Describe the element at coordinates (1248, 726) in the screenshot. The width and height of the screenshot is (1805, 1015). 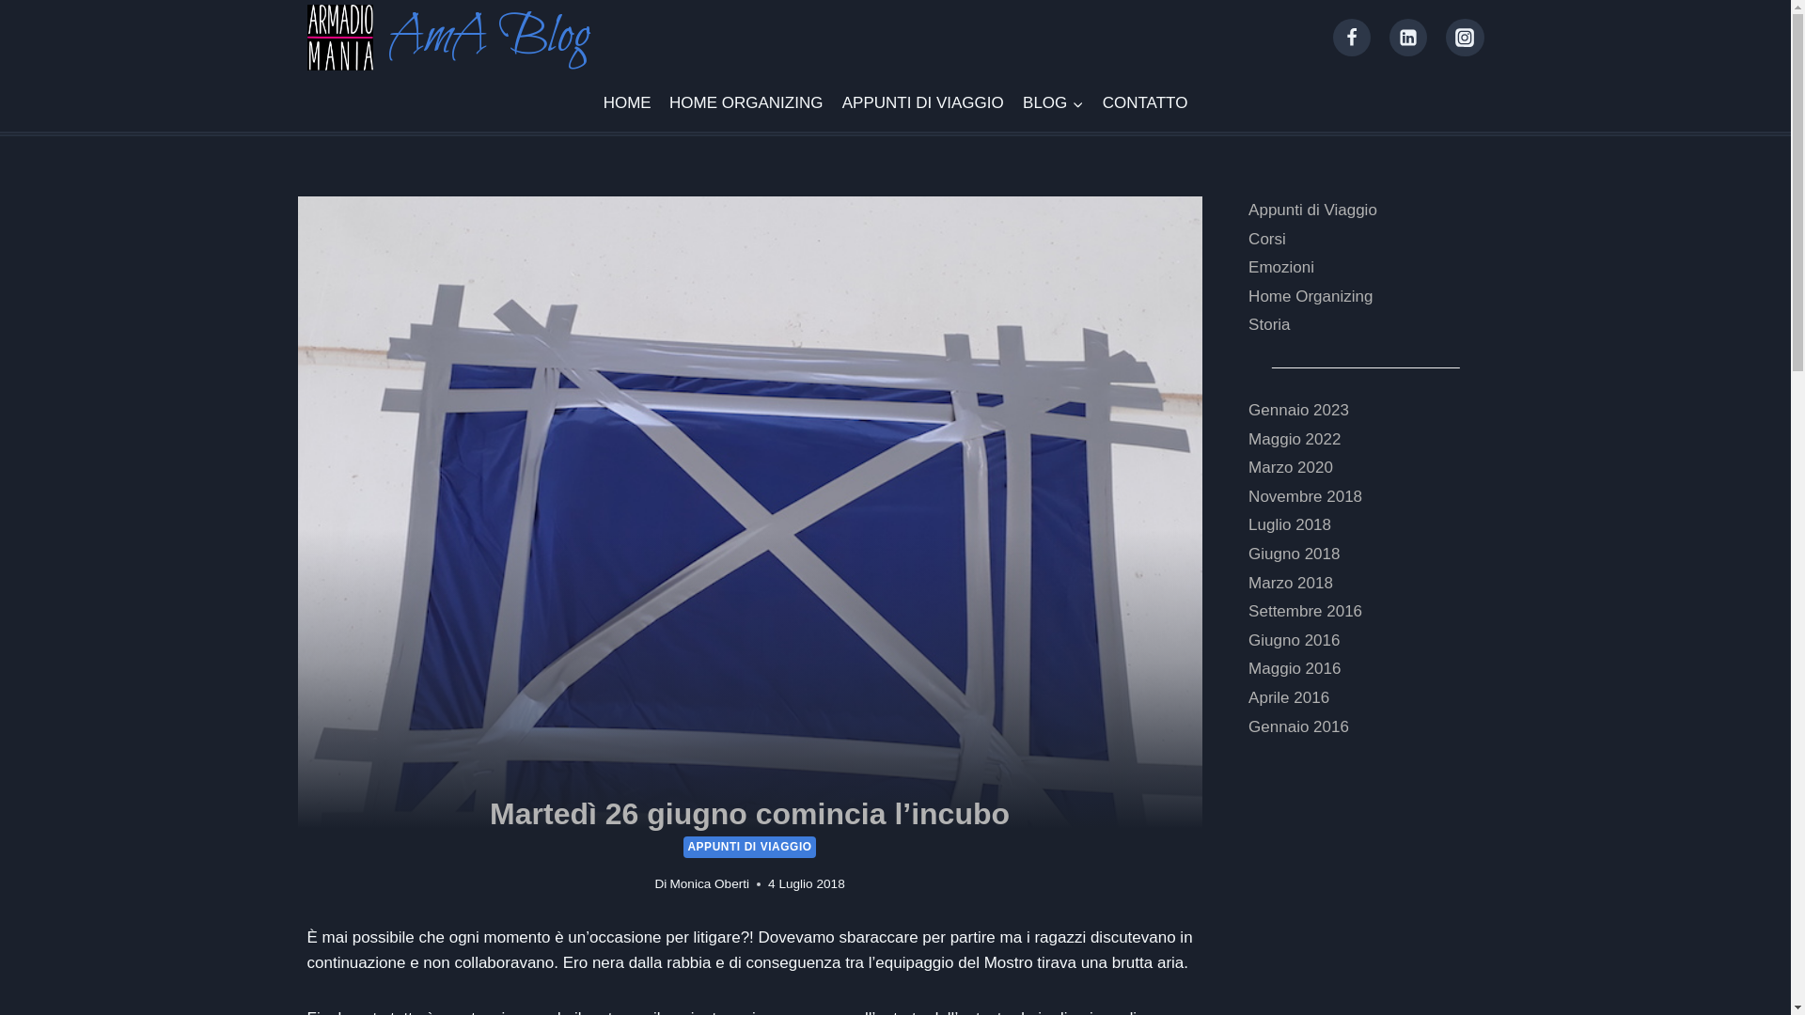
I see `'Gennaio 2016'` at that location.